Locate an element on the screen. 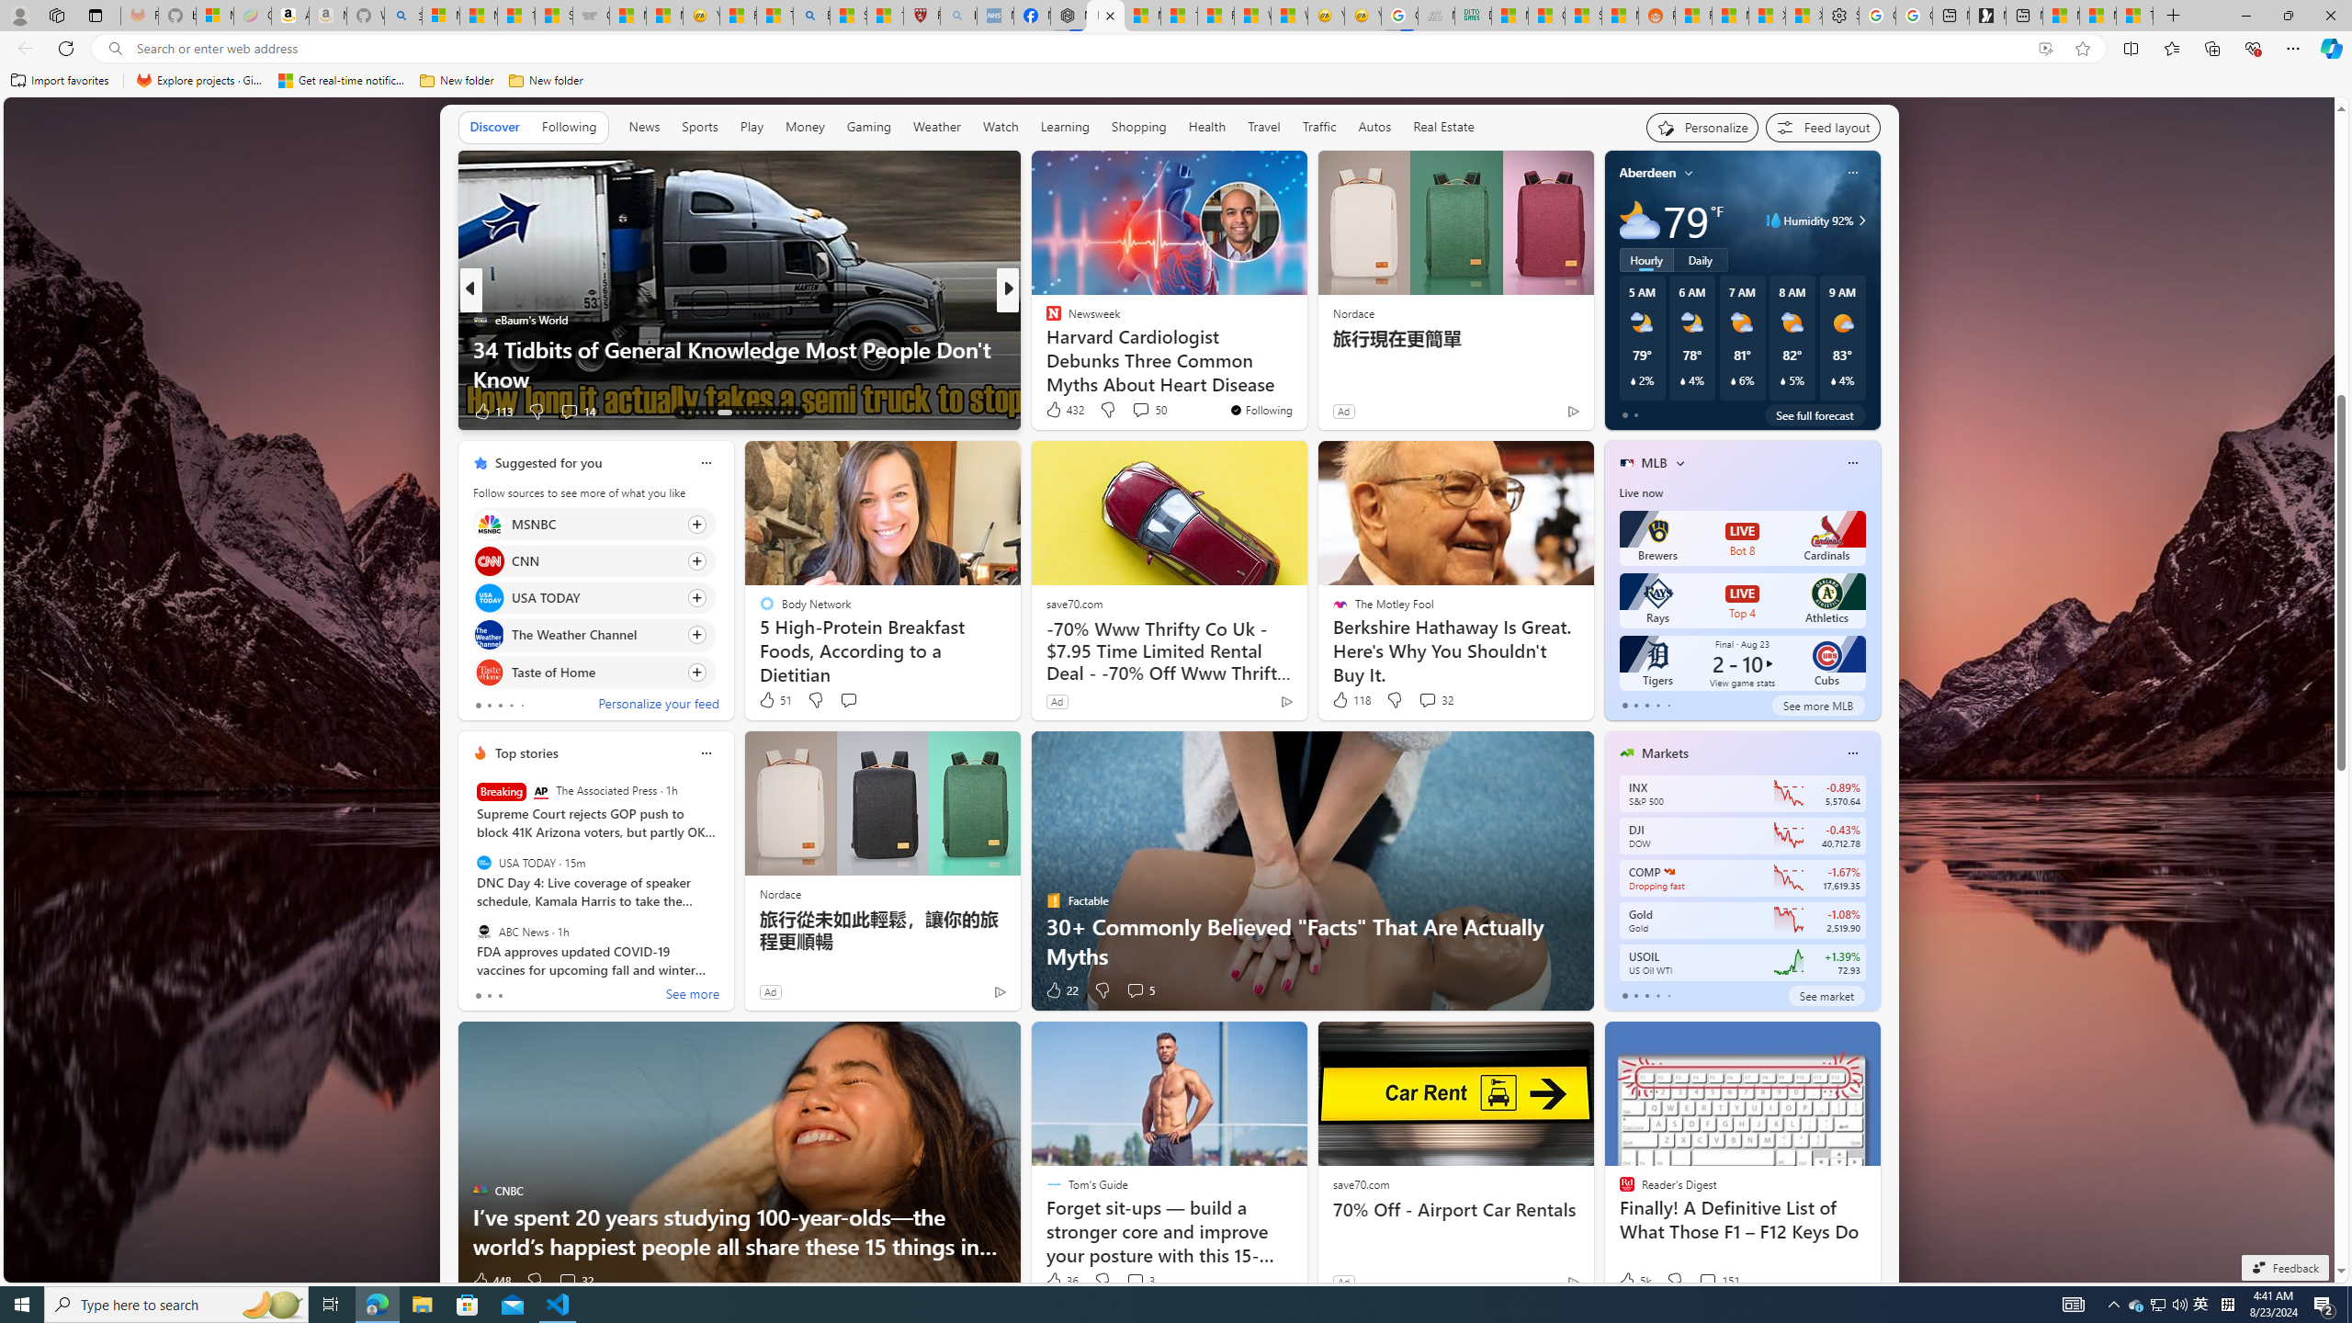  '256 Like' is located at coordinates (1057, 411).